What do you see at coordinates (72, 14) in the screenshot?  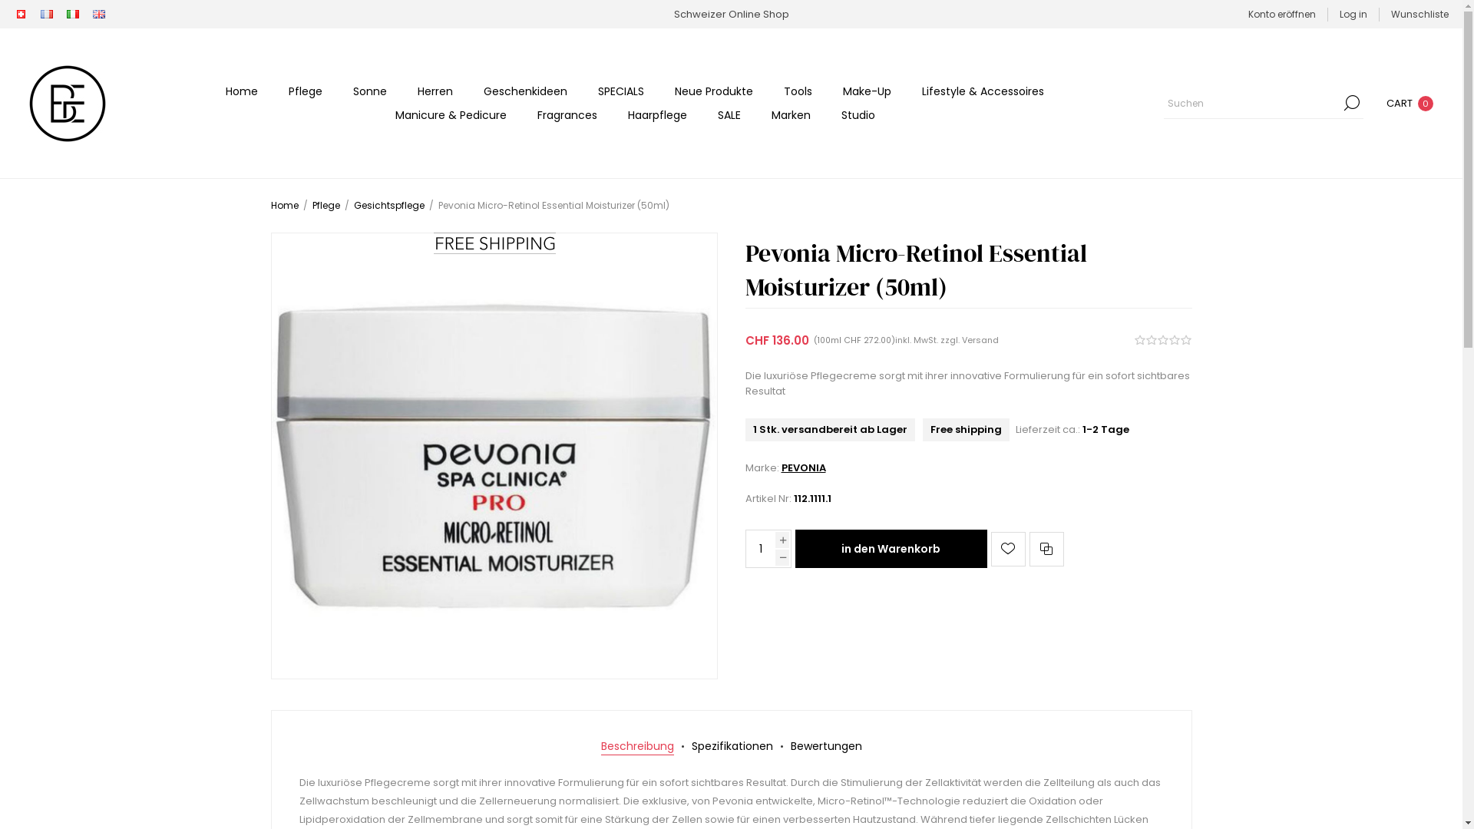 I see `'IT'` at bounding box center [72, 14].